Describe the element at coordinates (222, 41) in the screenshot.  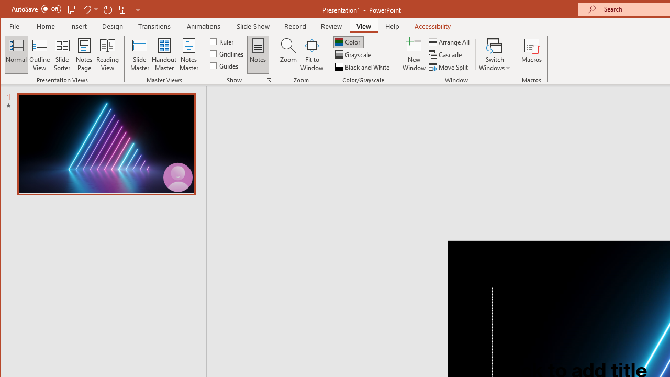
I see `'Ruler'` at that location.